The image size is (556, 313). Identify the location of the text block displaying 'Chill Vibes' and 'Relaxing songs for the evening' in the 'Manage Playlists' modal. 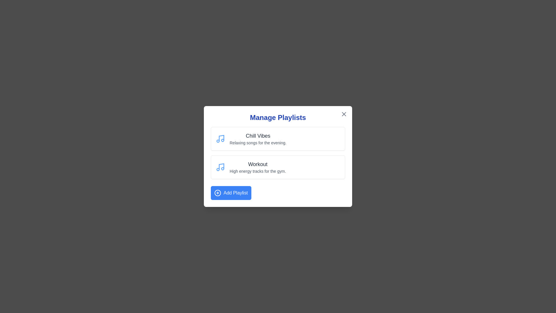
(258, 139).